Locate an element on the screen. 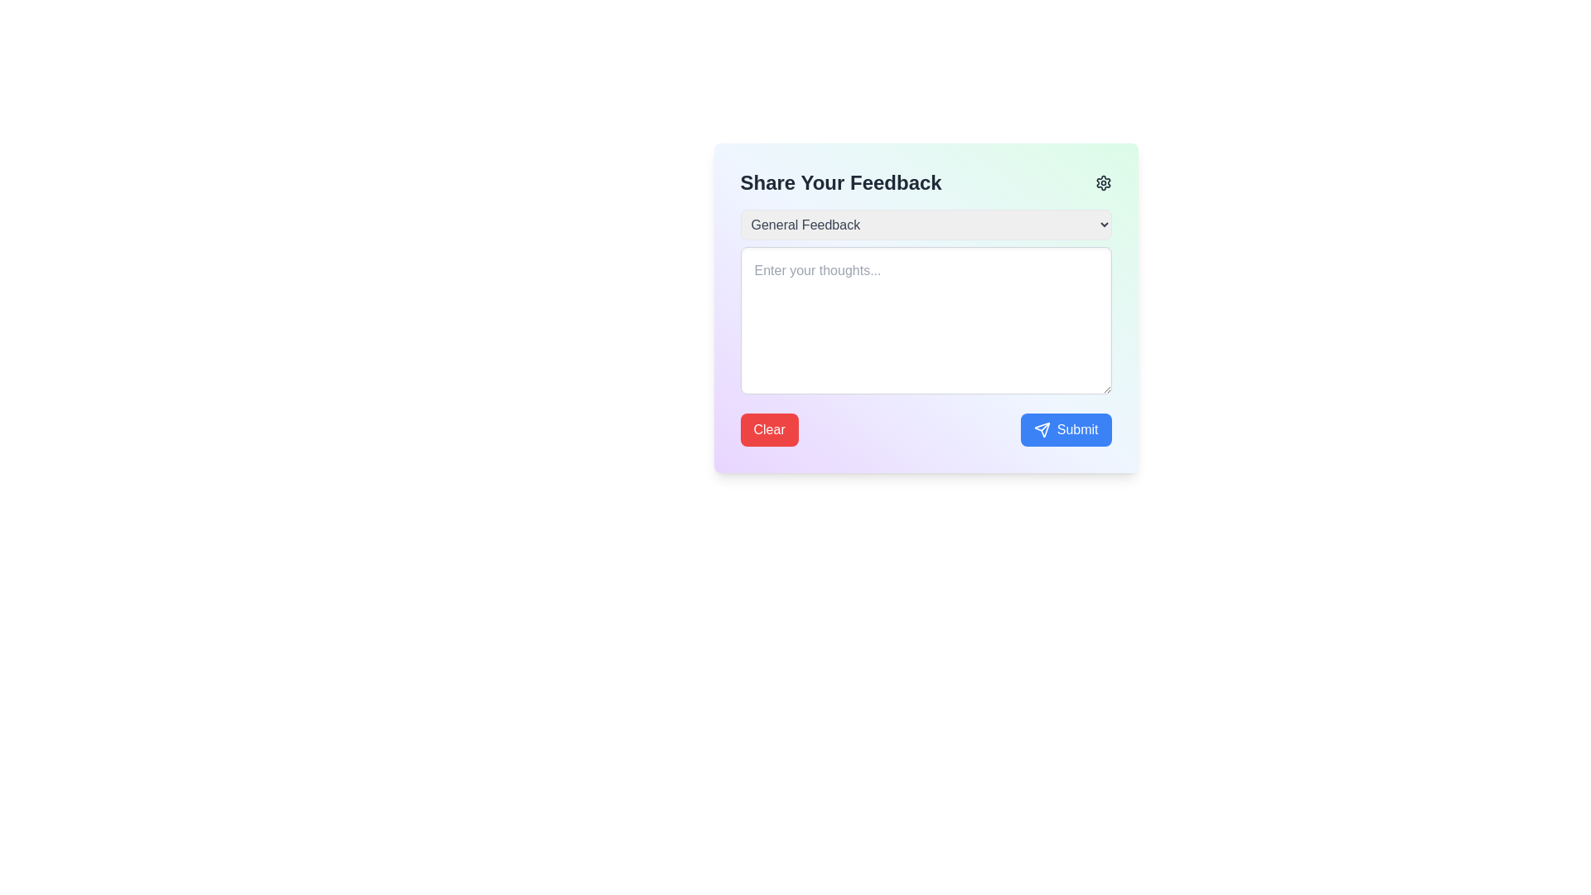  the cogwheel icon representing settings, located in the upper-right corner of the feedback panel is located at coordinates (1103, 182).